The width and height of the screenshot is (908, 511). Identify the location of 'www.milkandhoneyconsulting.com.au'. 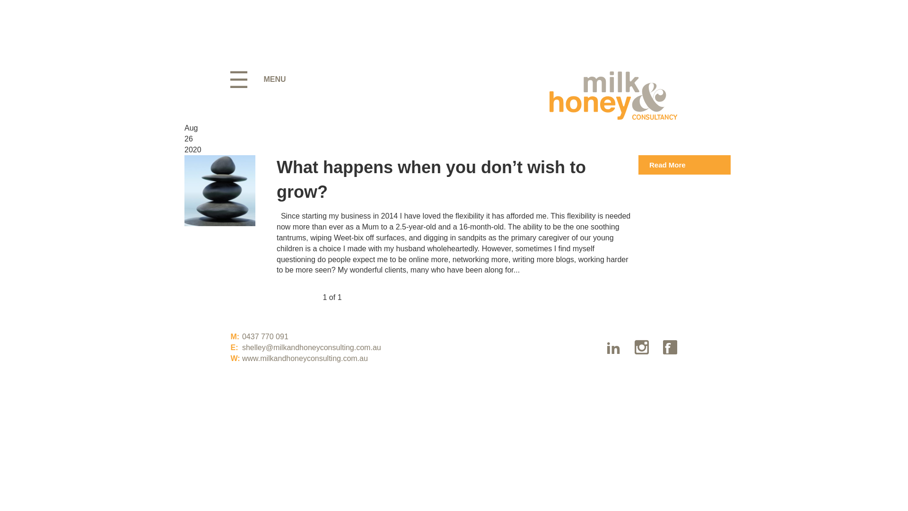
(305, 358).